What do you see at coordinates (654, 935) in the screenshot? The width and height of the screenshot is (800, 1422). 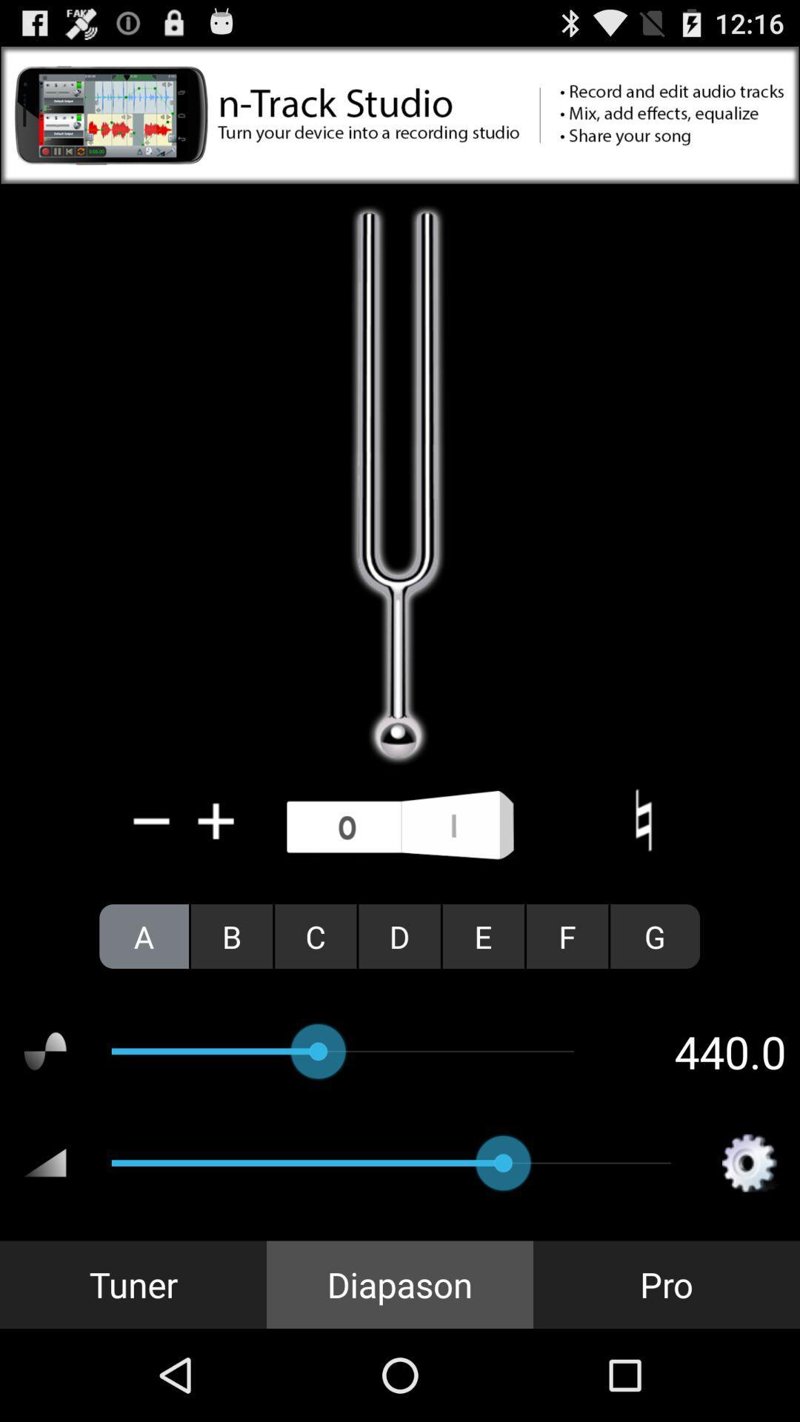 I see `the icon to the right of f radio button` at bounding box center [654, 935].